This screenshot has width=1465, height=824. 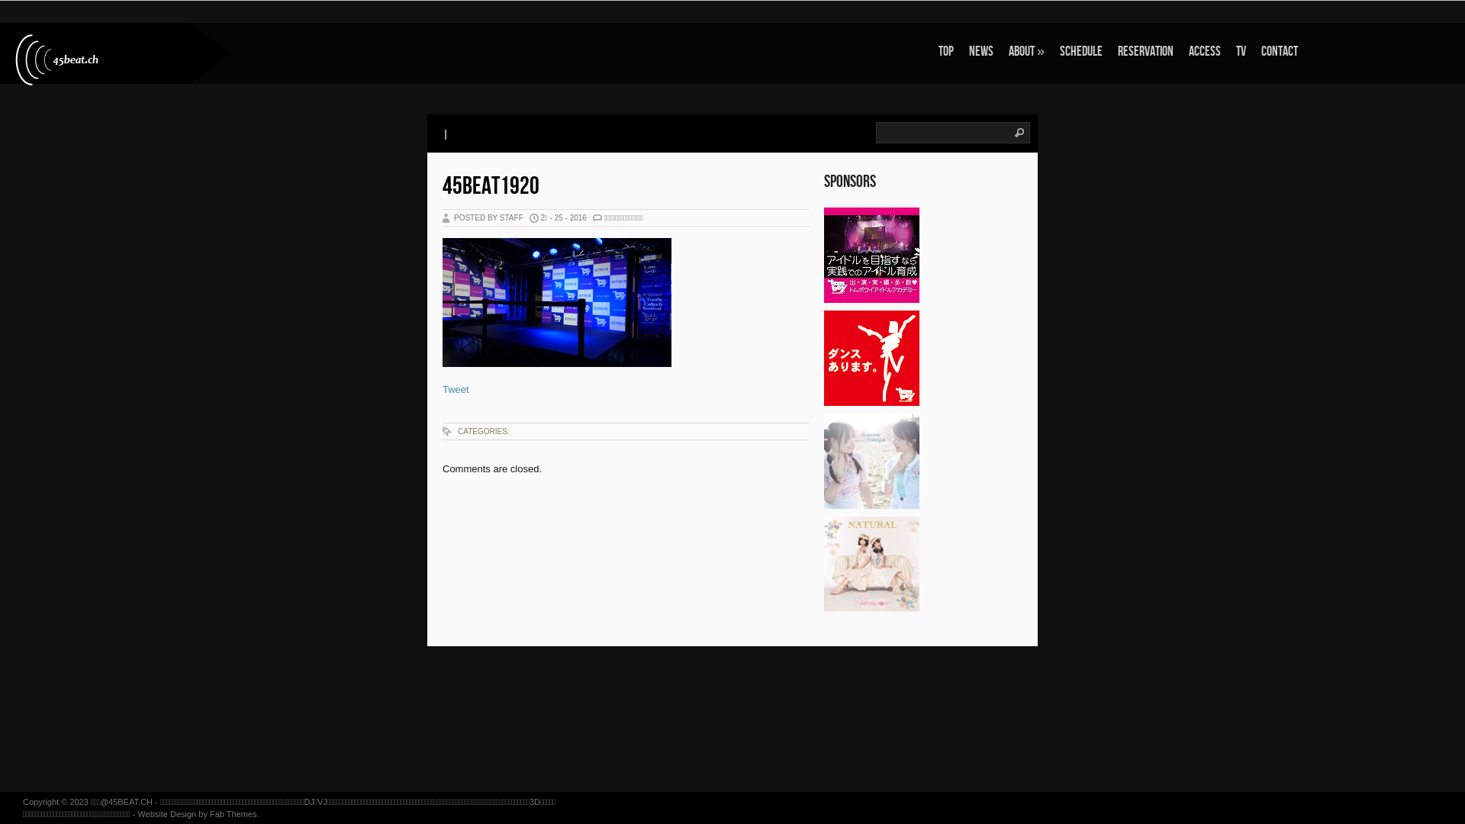 I want to click on 'CONTACT', so click(x=1253, y=50).